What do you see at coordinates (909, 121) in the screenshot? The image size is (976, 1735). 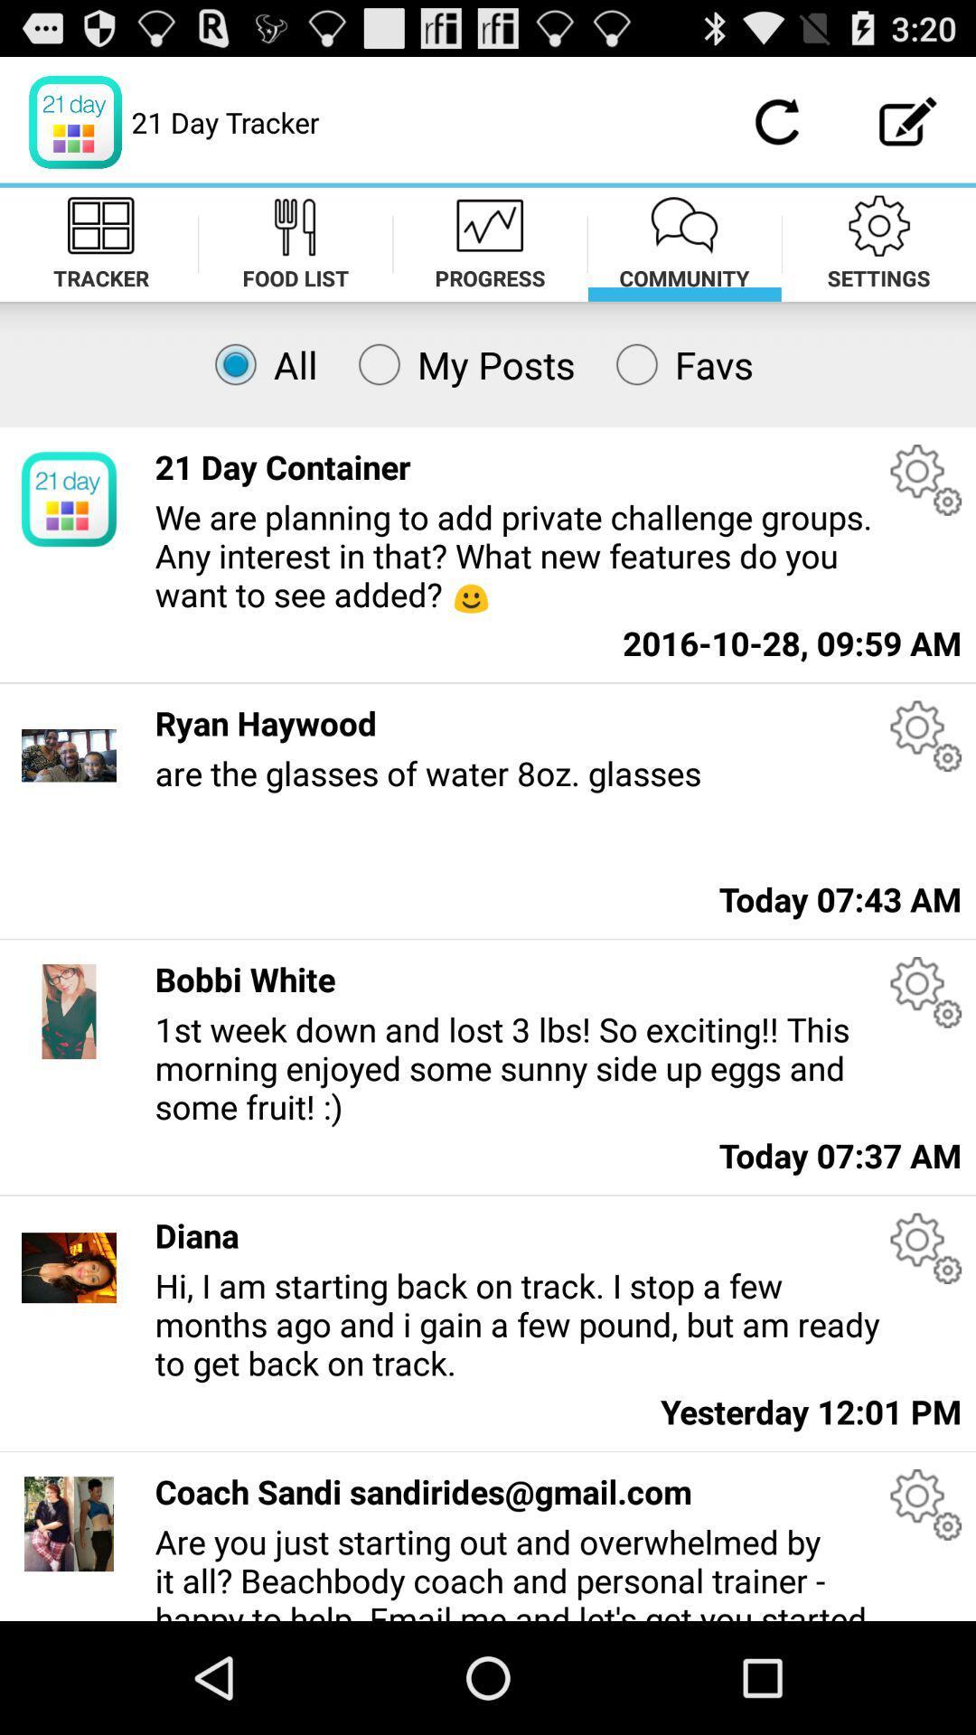 I see `write a new message` at bounding box center [909, 121].